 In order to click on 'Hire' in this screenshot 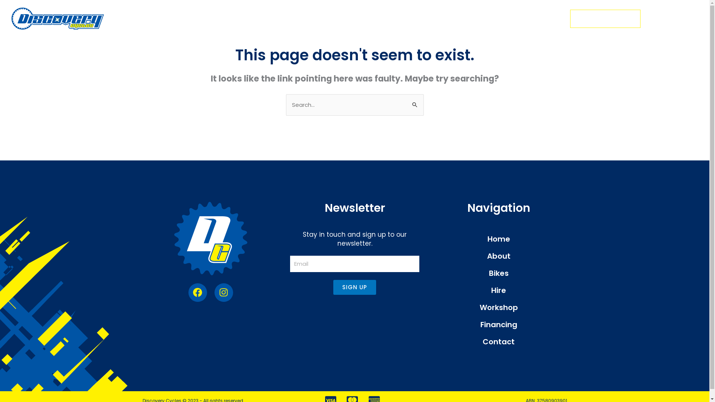, I will do `click(499, 290)`.